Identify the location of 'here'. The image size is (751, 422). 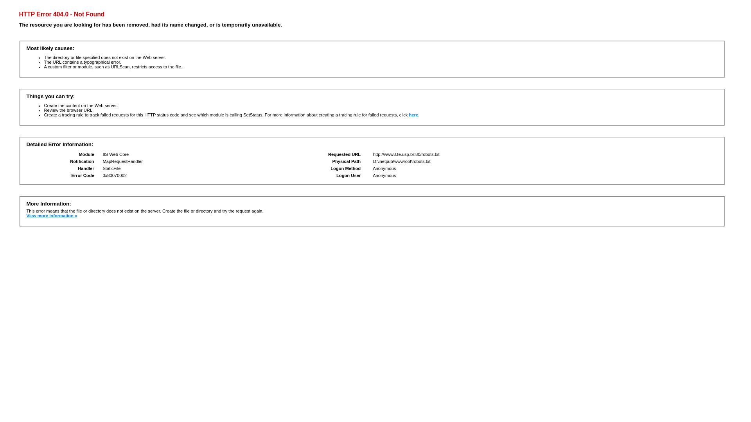
(413, 114).